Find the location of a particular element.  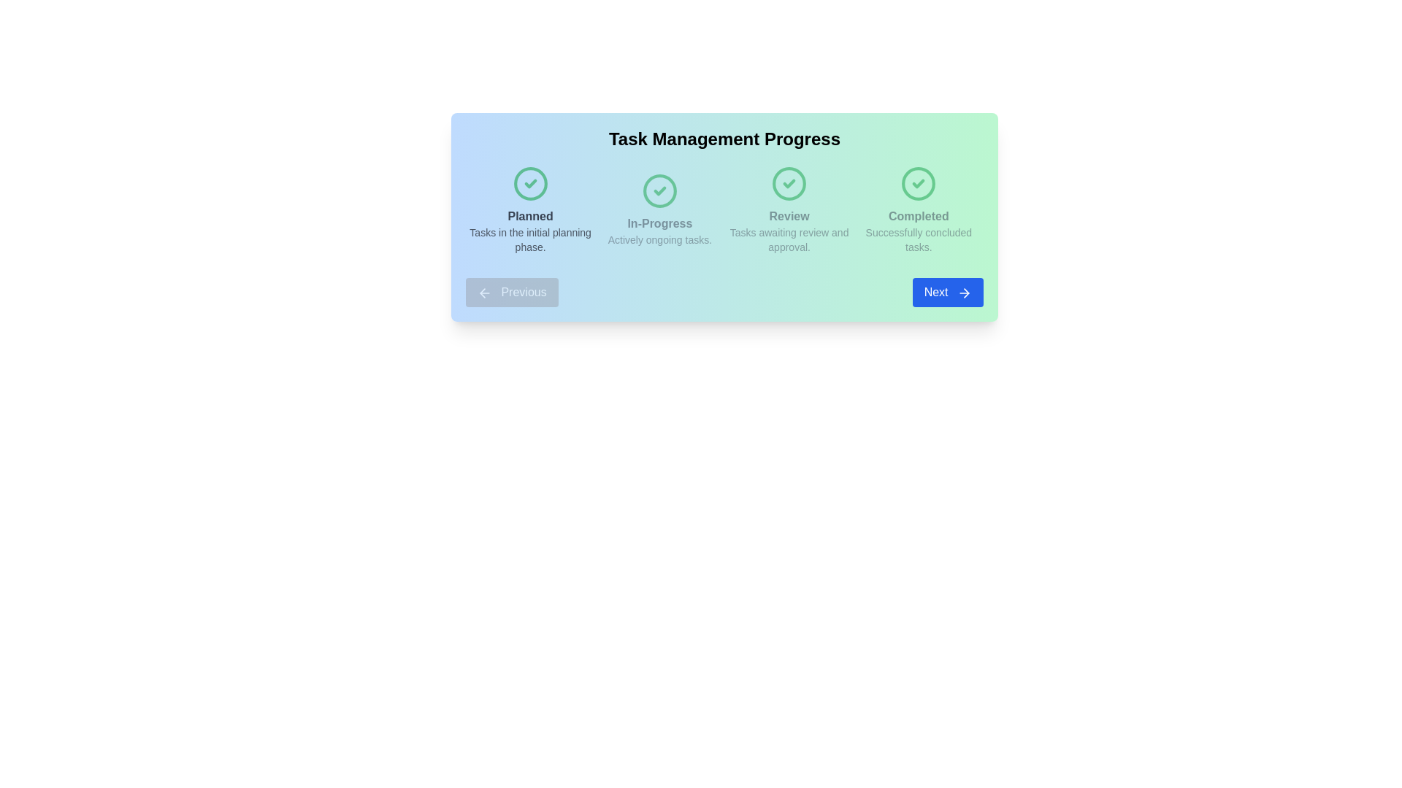

the 'Next' button to navigate to the next stage is located at coordinates (947, 293).